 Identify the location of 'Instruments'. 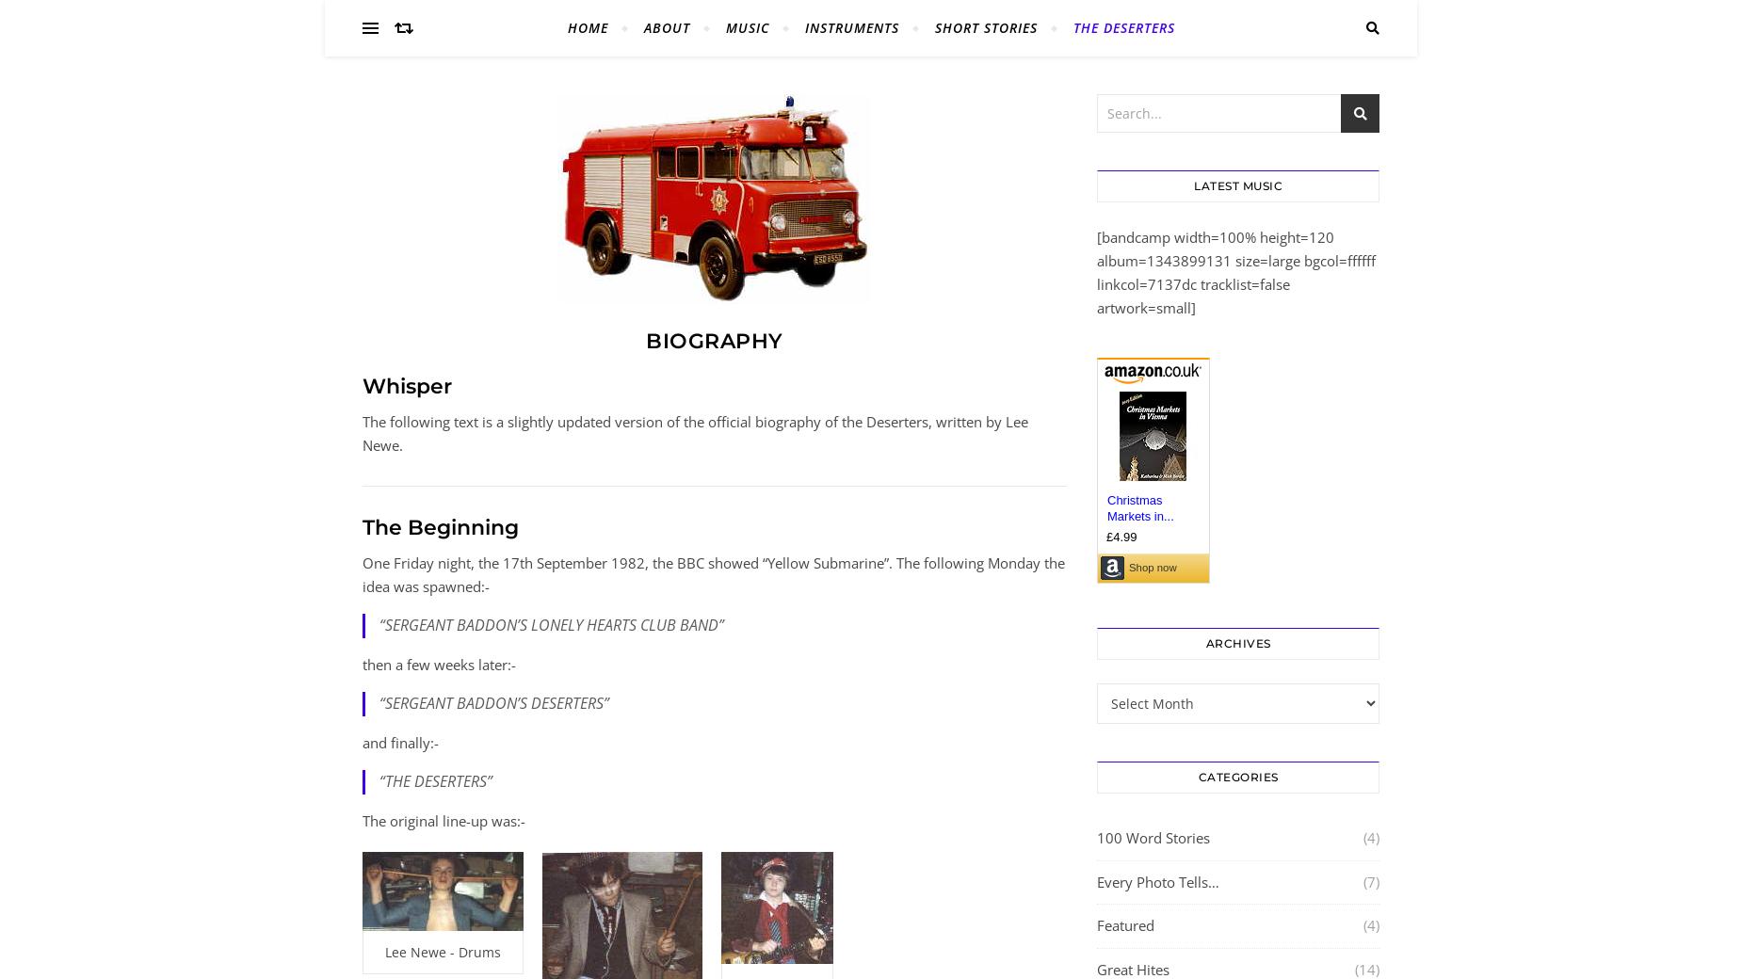
(850, 26).